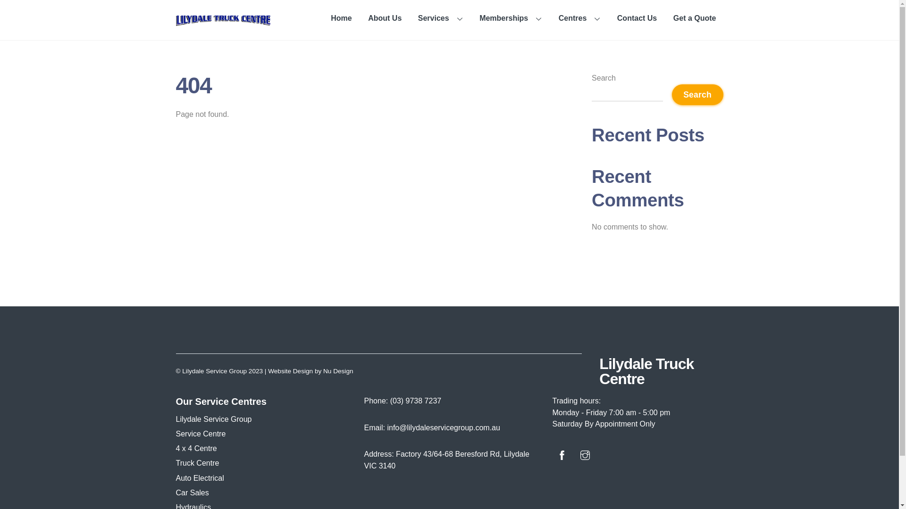 The width and height of the screenshot is (906, 509). Describe the element at coordinates (695, 18) in the screenshot. I see `'Get a Quote'` at that location.